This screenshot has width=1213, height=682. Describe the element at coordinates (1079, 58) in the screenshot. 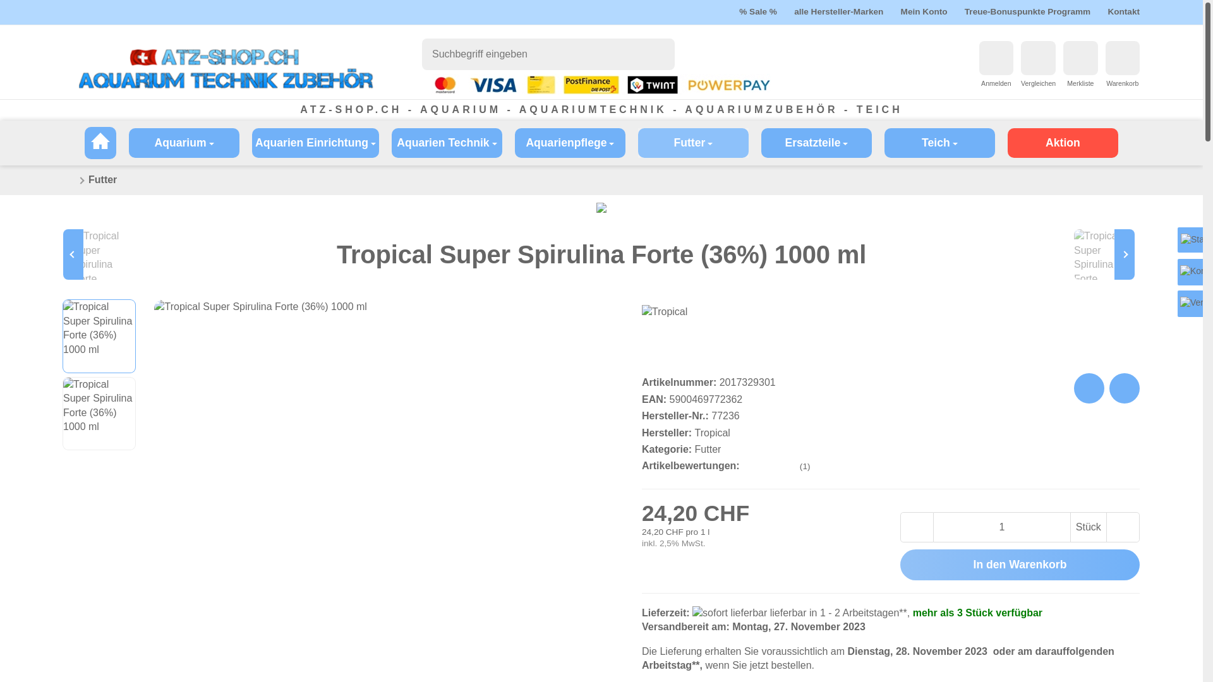

I see `'Zur Merkliste'` at that location.